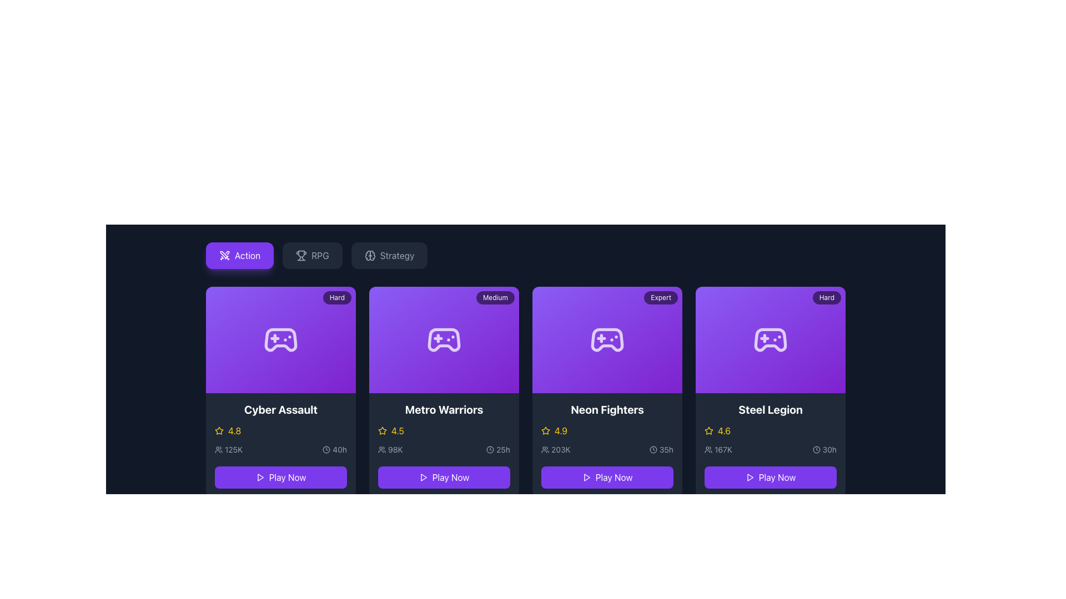 The image size is (1066, 599). I want to click on the star visual indicator in the rating section of the Steel Legion game card to rate it, so click(708, 429).